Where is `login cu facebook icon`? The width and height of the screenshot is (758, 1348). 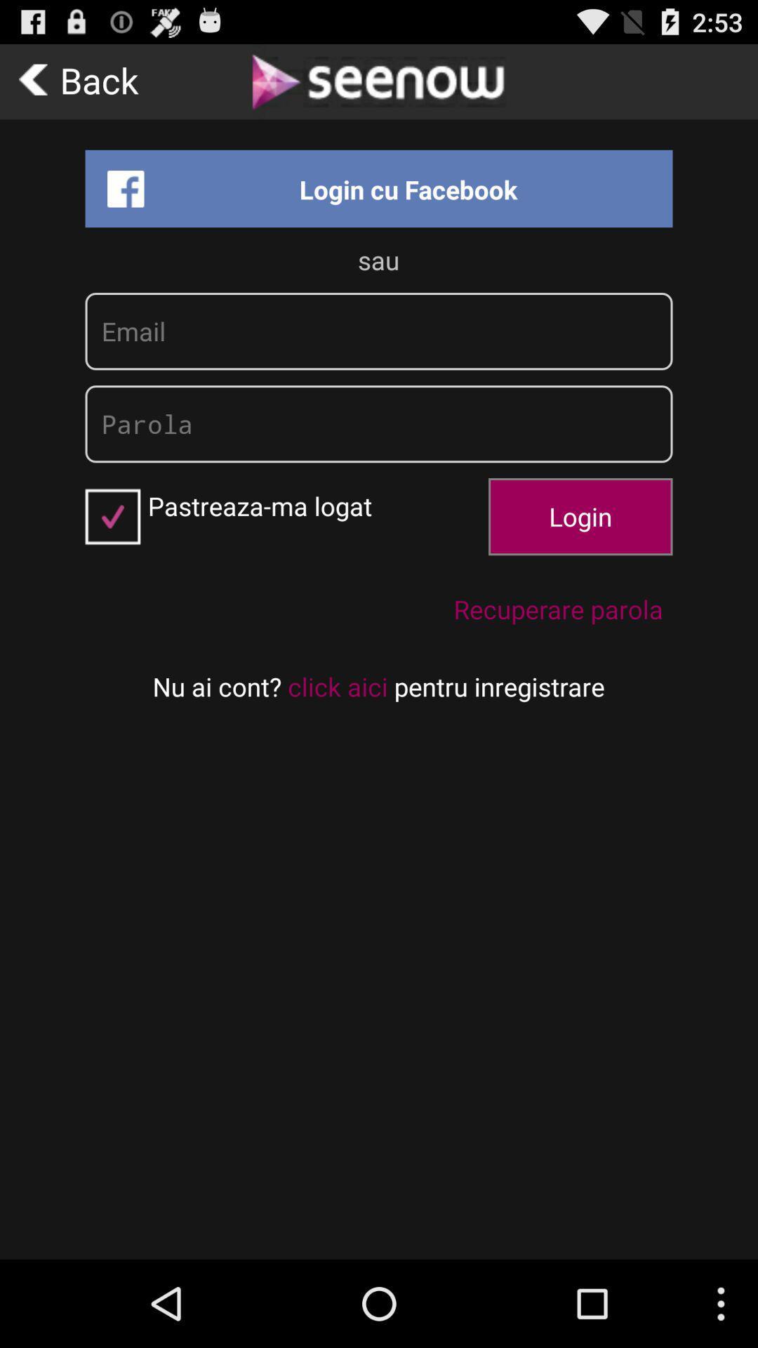 login cu facebook icon is located at coordinates (379, 187).